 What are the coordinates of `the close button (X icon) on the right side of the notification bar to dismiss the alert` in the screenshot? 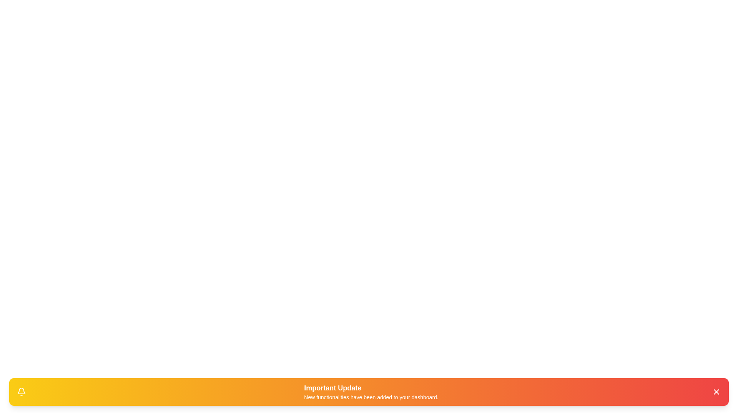 It's located at (716, 392).